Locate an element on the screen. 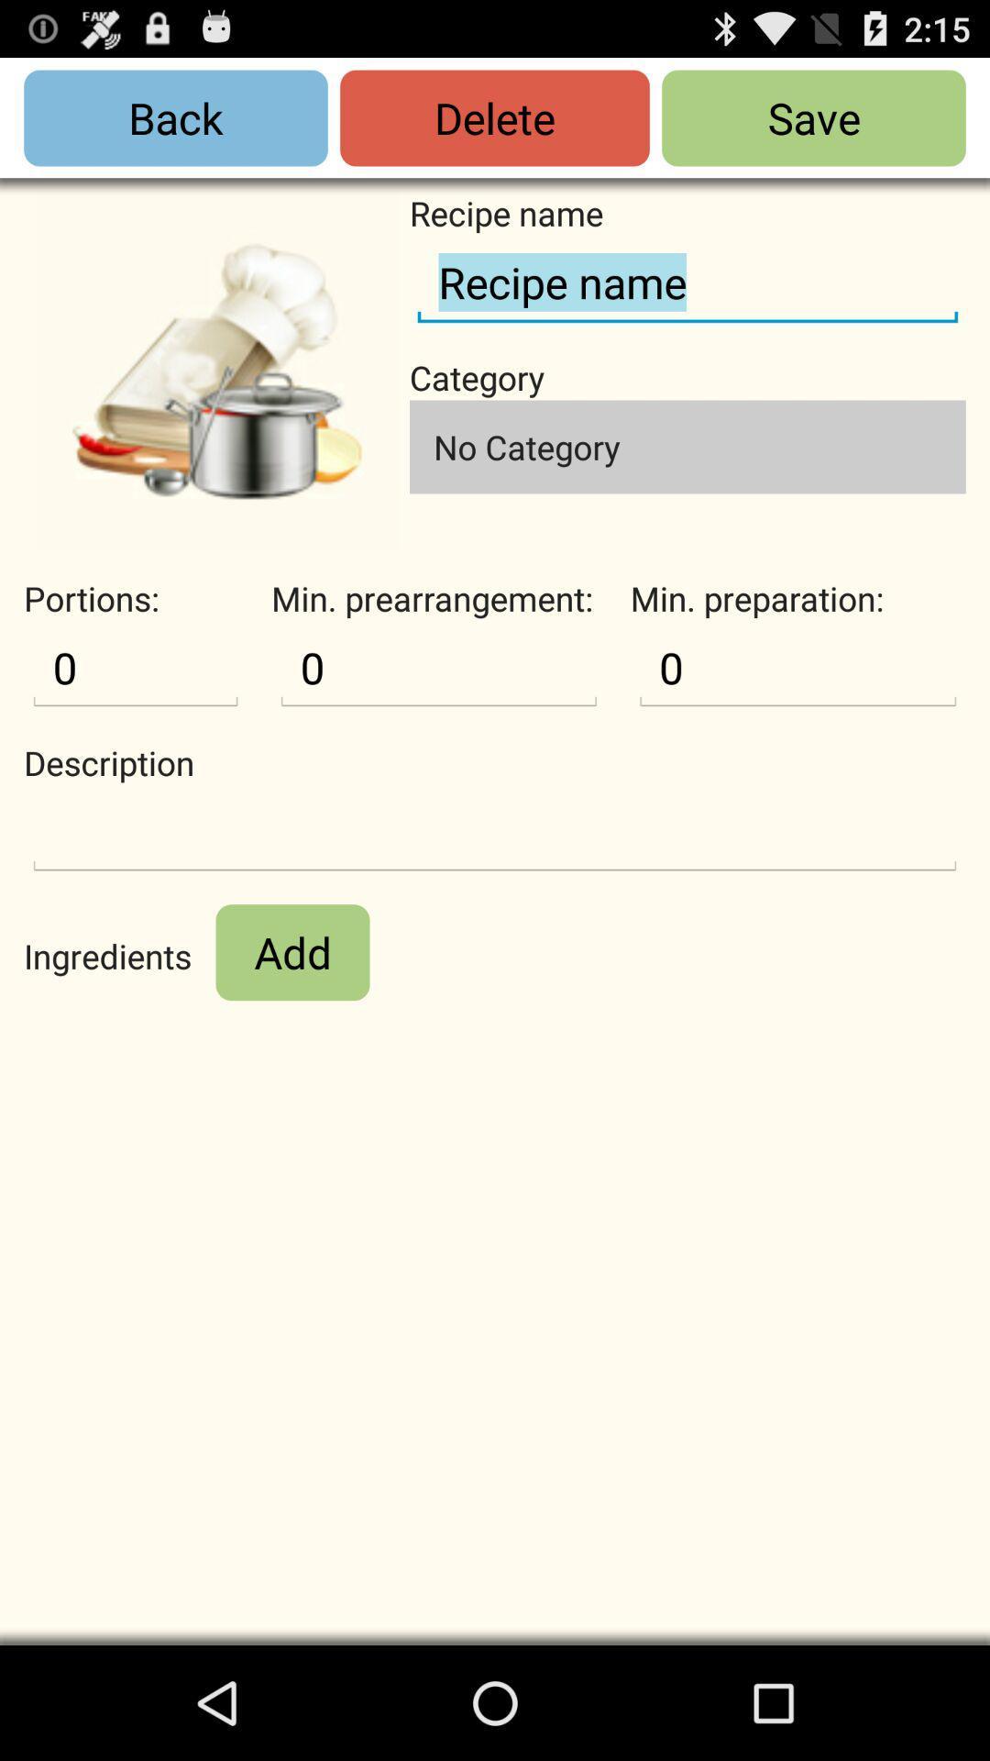 Image resolution: width=990 pixels, height=1761 pixels. write description is located at coordinates (495, 832).